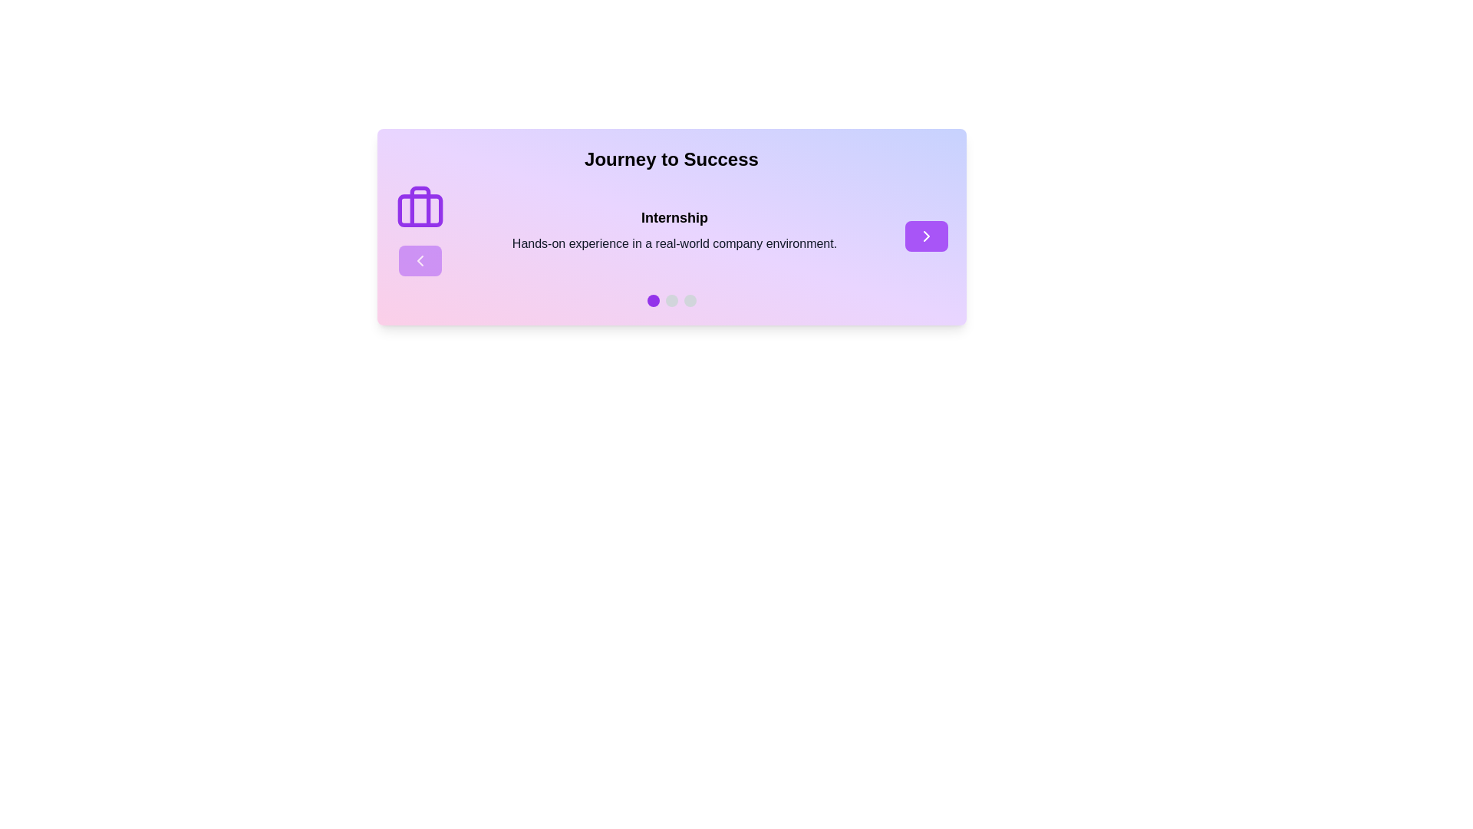 The height and width of the screenshot is (829, 1473). What do you see at coordinates (674, 230) in the screenshot?
I see `the informative text block that describes the internship opportunity` at bounding box center [674, 230].